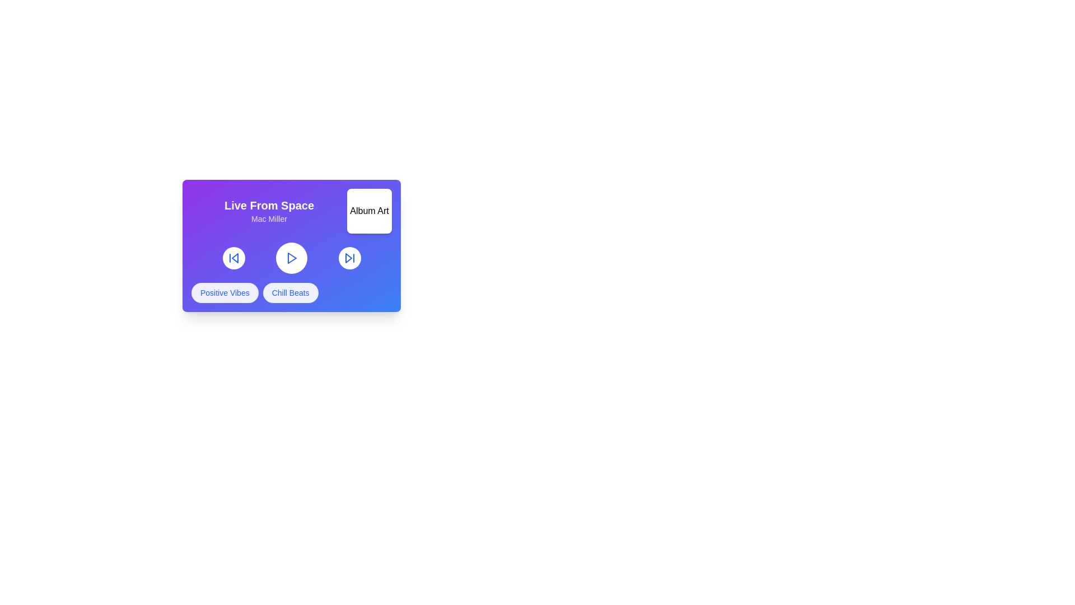 This screenshot has width=1075, height=605. I want to click on the 'Chill Beats' button located at the bottom of the card interface, so click(290, 292).